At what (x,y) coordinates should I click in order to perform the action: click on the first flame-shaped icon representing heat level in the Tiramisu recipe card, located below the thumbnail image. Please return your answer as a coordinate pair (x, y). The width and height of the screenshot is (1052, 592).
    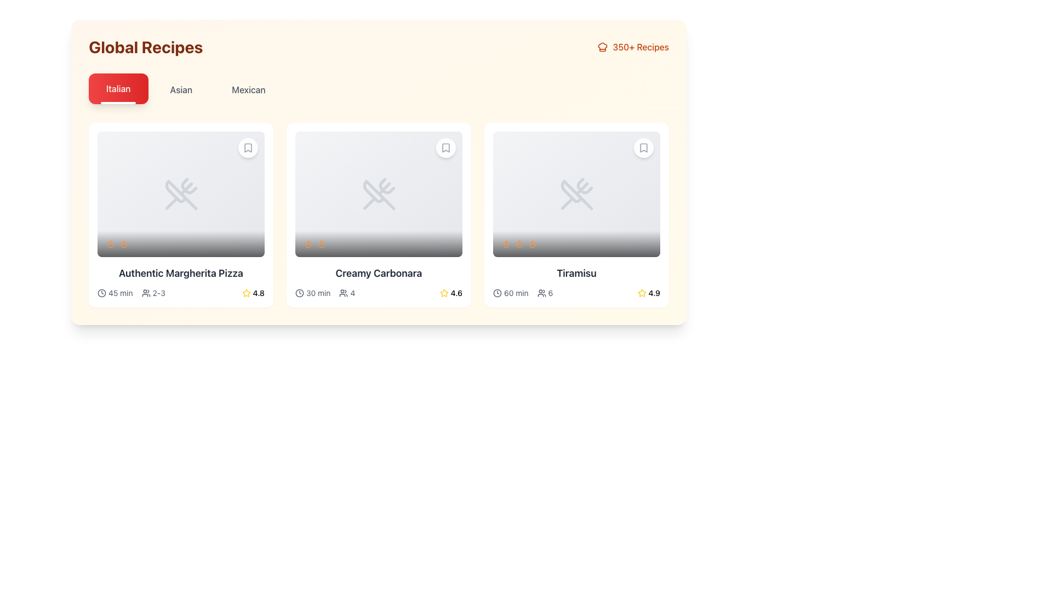
    Looking at the image, I should click on (506, 243).